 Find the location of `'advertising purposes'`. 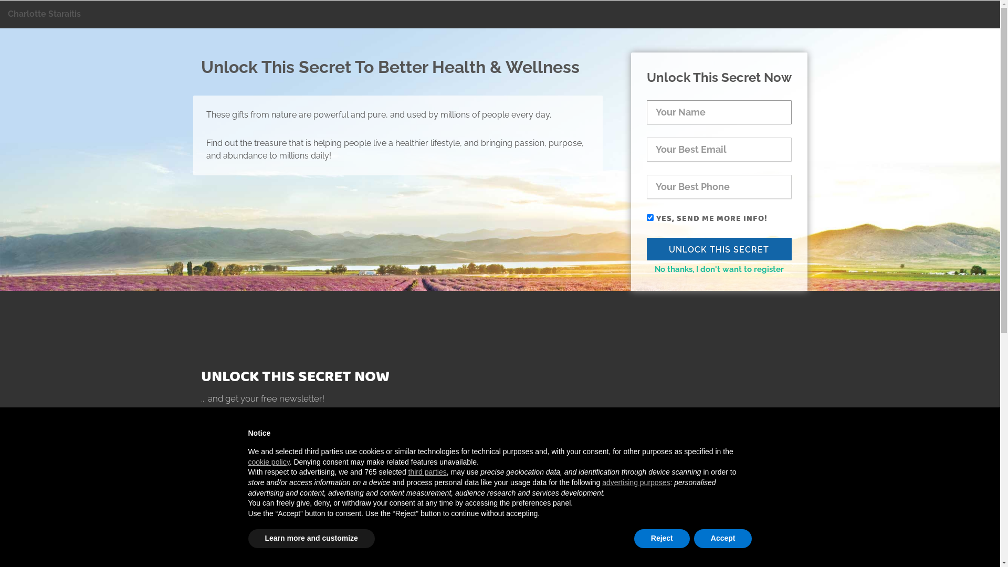

'advertising purposes' is located at coordinates (635, 482).